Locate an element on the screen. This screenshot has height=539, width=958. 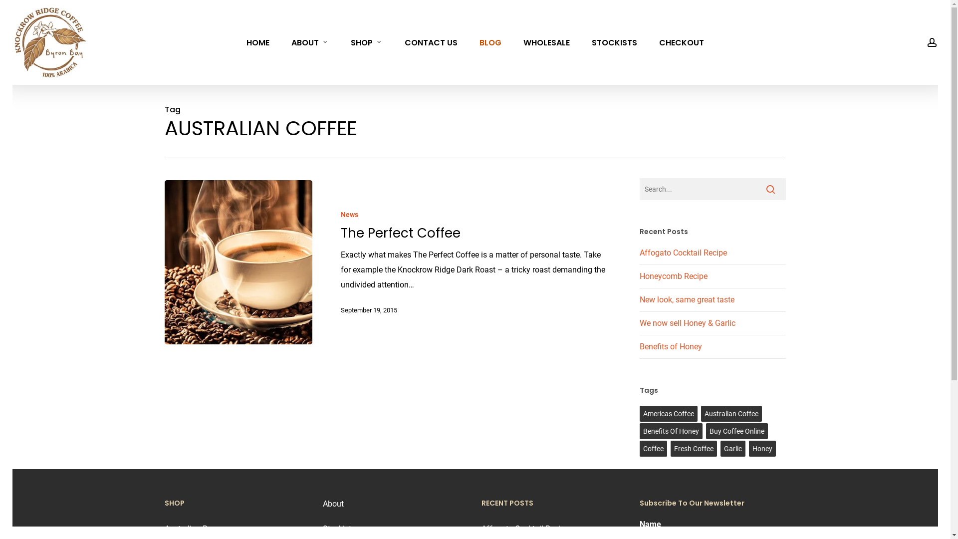
'Stockists' is located at coordinates (339, 528).